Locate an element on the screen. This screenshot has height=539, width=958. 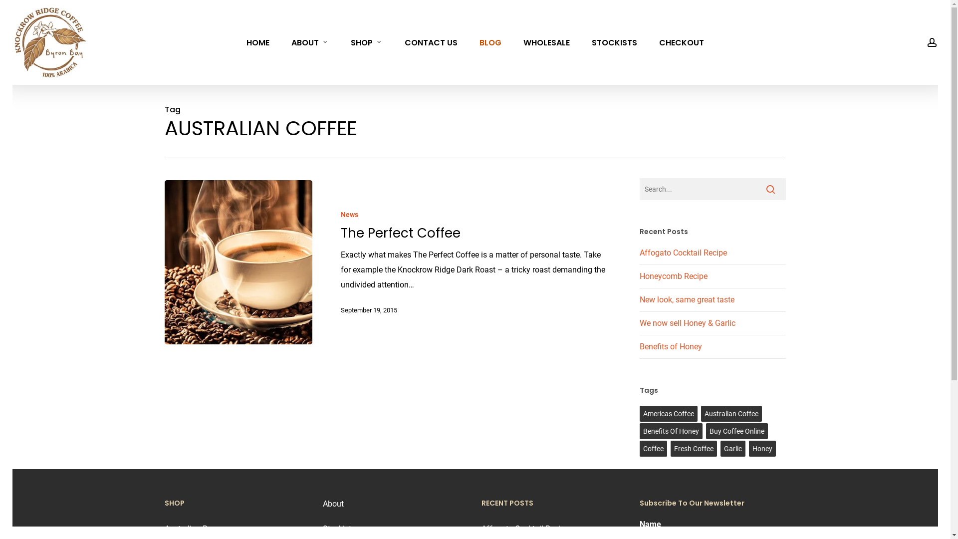
'Stockists' is located at coordinates (339, 528).